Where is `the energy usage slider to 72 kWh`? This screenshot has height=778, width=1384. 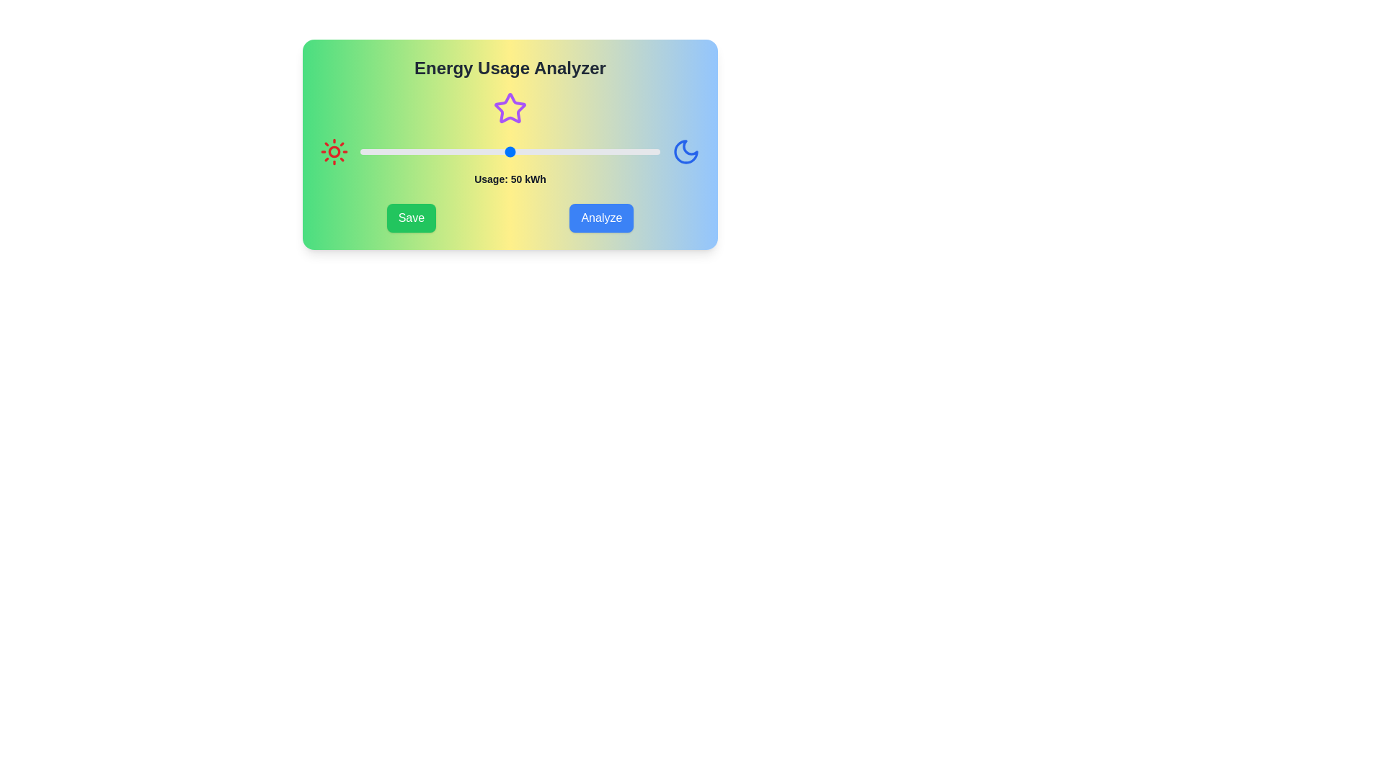
the energy usage slider to 72 kWh is located at coordinates (575, 152).